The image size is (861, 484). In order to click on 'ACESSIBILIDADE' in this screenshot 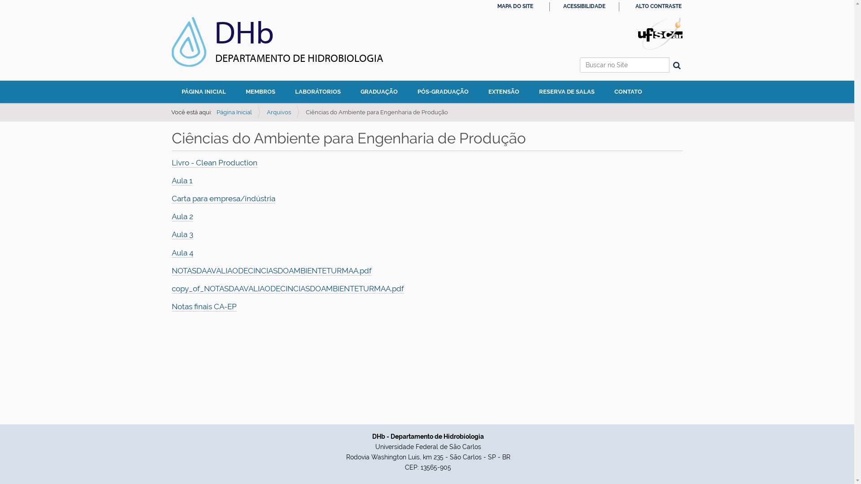, I will do `click(584, 6)`.